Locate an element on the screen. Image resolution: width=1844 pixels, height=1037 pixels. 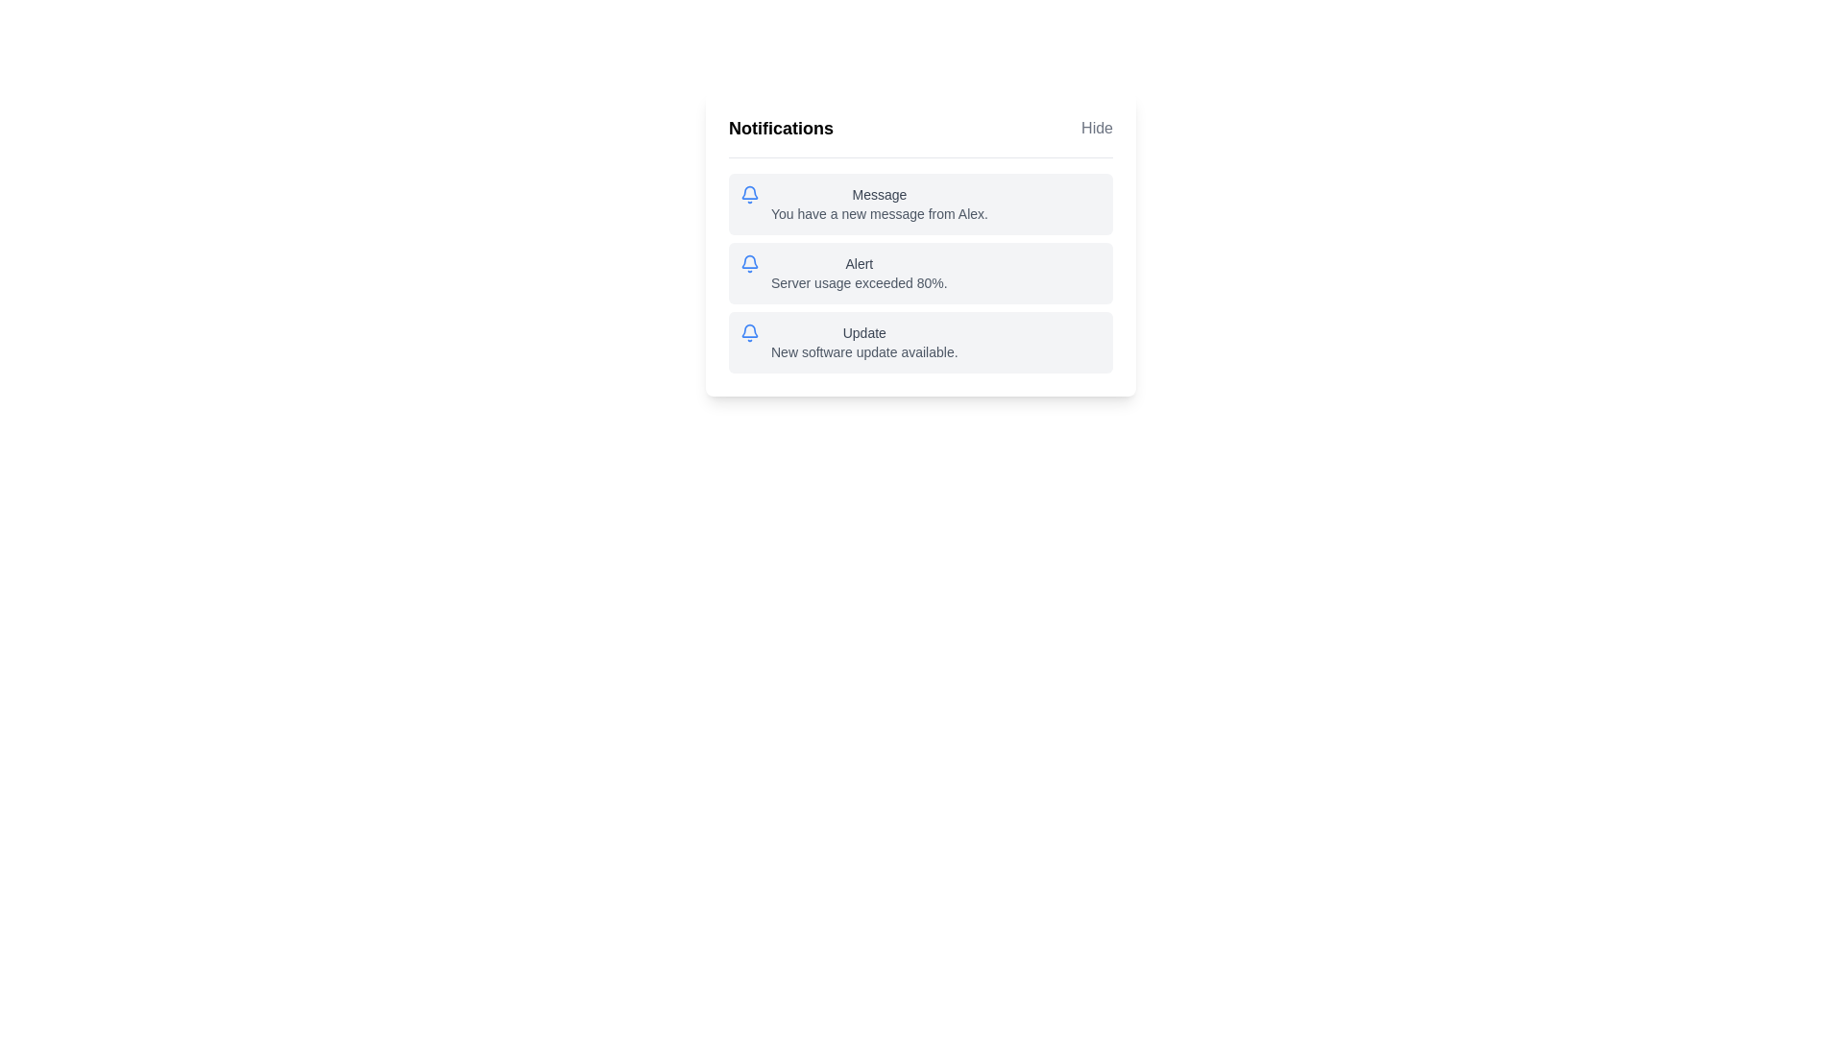
the title text of the second notification message in the 'Notifications' section, which indicates the nature of the notification and is positioned above 'Server usage exceeded 80%.' is located at coordinates (858, 263).